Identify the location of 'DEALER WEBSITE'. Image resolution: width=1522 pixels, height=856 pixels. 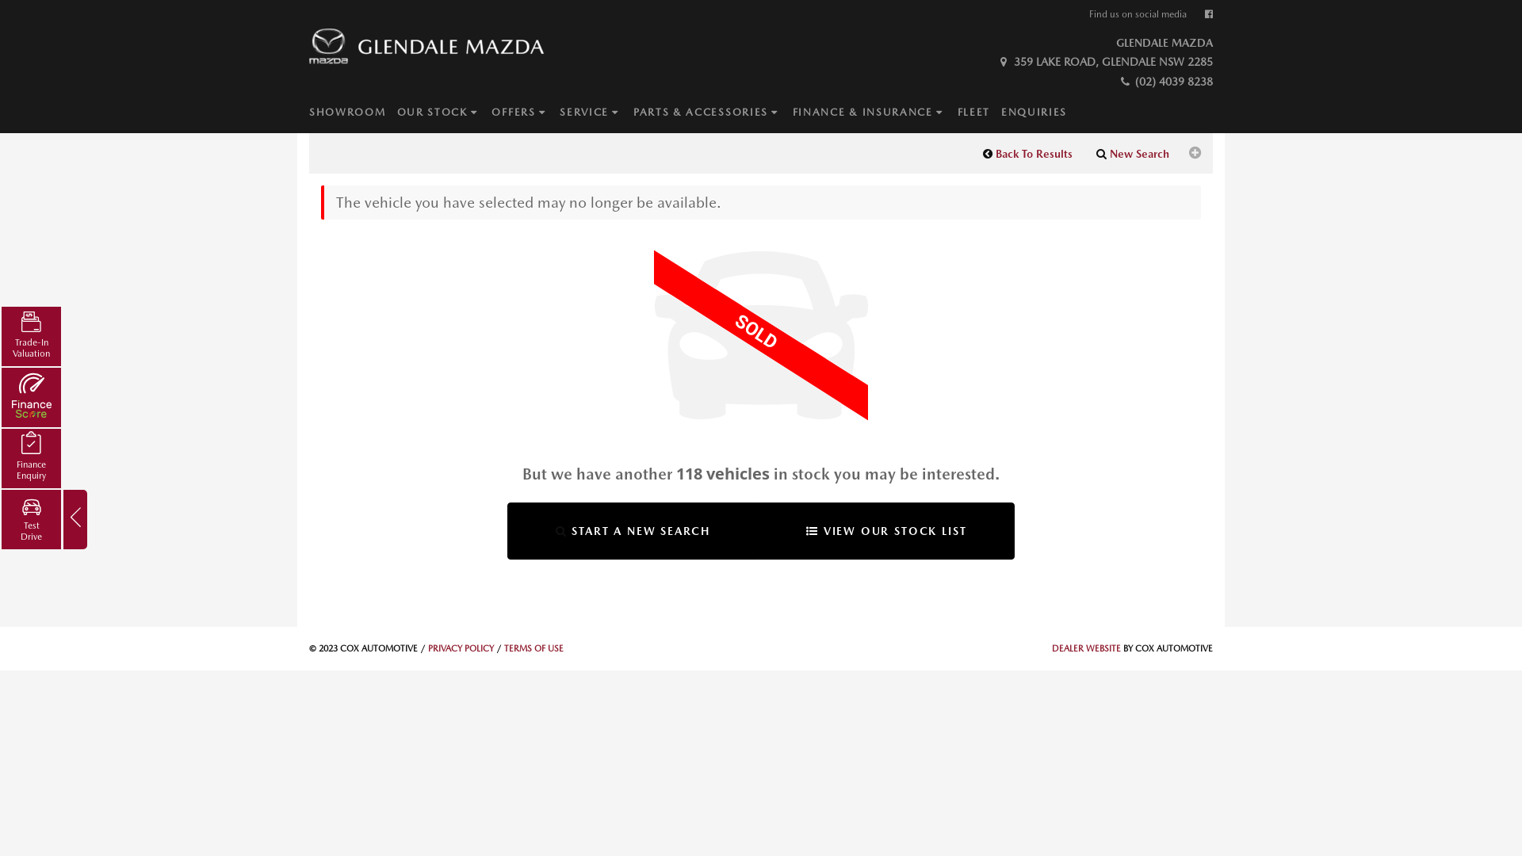
(1051, 648).